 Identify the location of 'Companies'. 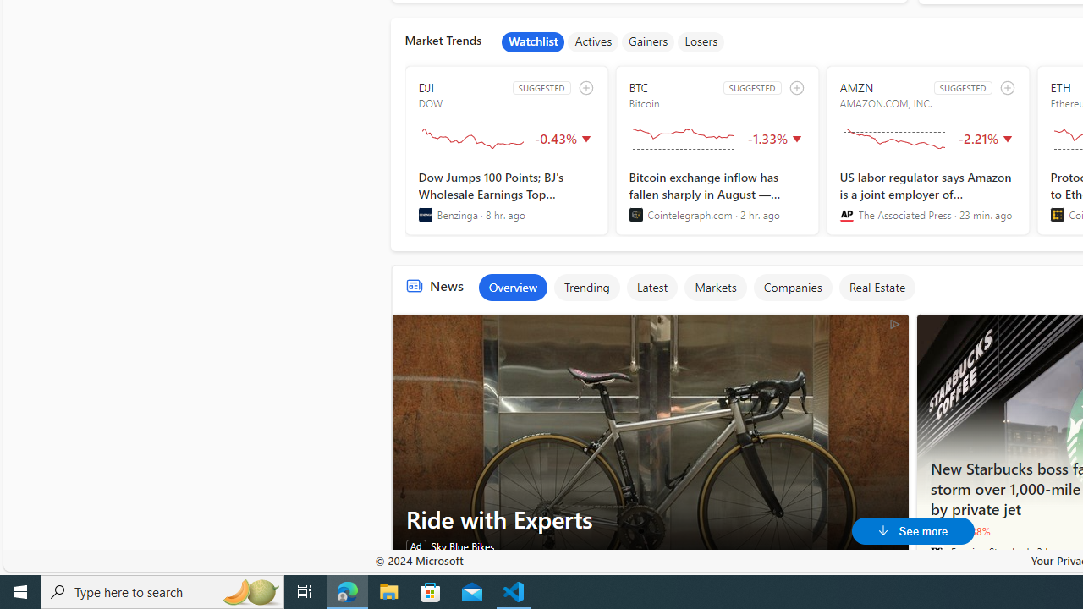
(791, 286).